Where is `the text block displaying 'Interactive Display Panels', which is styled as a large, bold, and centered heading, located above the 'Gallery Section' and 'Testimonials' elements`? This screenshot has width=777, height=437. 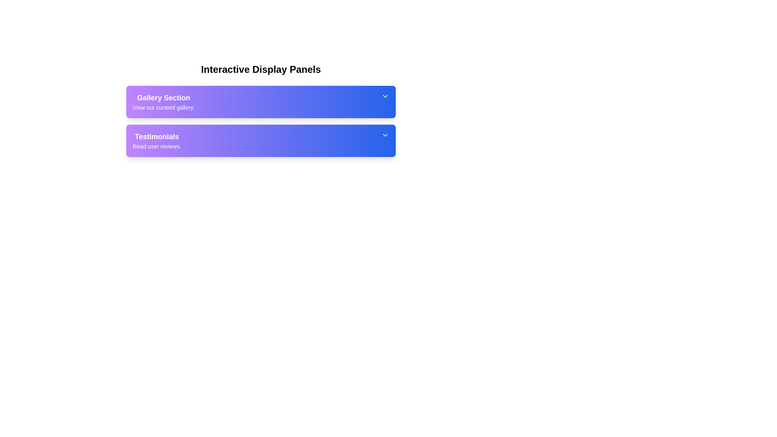 the text block displaying 'Interactive Display Panels', which is styled as a large, bold, and centered heading, located above the 'Gallery Section' and 'Testimonials' elements is located at coordinates (261, 69).